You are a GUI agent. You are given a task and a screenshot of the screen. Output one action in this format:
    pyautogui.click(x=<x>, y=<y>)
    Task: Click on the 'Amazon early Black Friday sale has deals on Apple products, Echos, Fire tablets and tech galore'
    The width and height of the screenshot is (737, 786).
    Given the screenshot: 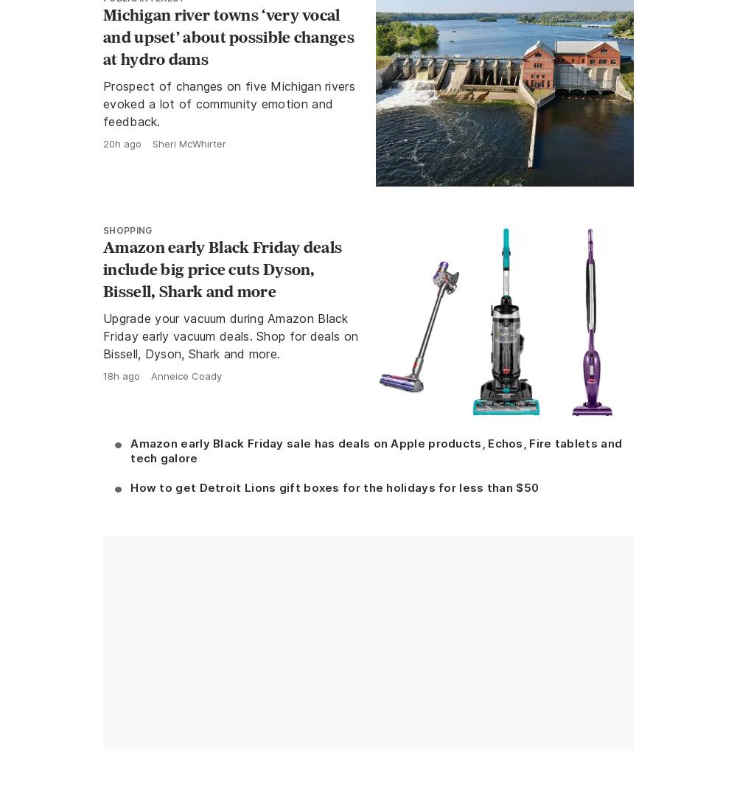 What is the action you would take?
    pyautogui.click(x=130, y=449)
    